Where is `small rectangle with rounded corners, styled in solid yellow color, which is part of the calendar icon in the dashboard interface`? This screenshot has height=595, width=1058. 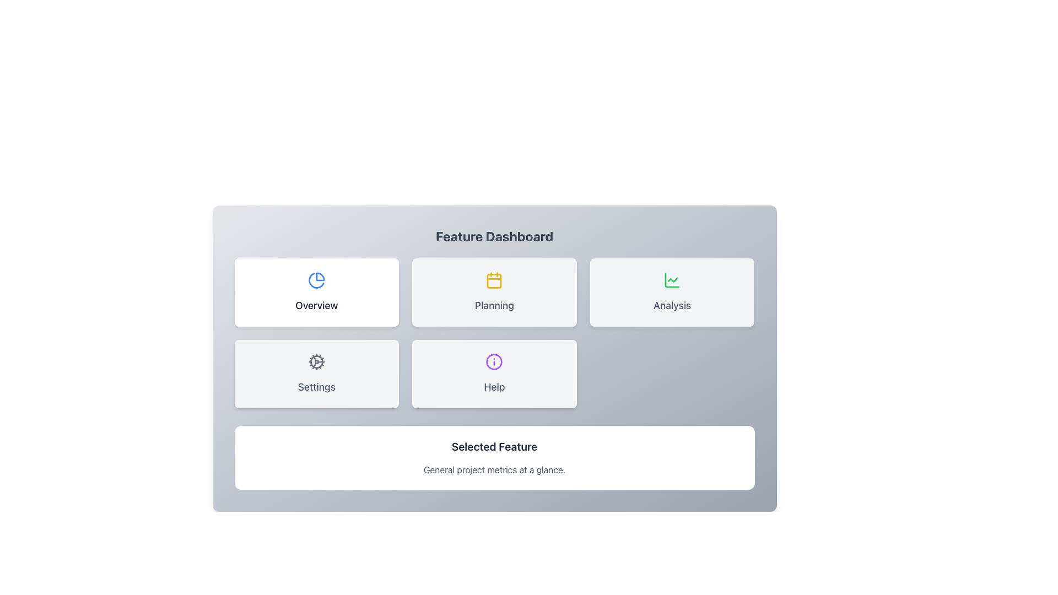
small rectangle with rounded corners, styled in solid yellow color, which is part of the calendar icon in the dashboard interface is located at coordinates (494, 280).